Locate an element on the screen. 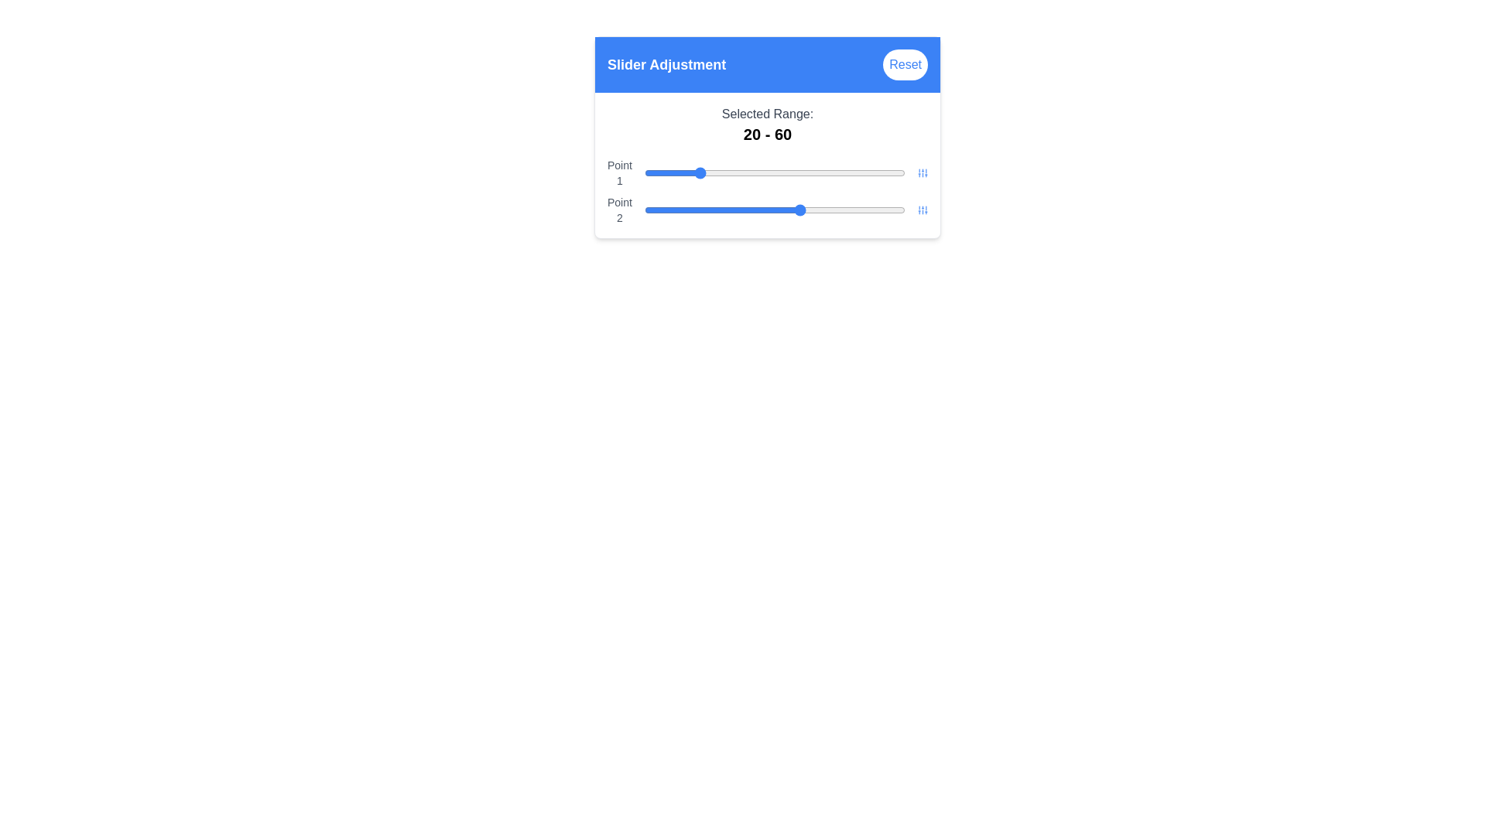  the slider is located at coordinates (752, 210).